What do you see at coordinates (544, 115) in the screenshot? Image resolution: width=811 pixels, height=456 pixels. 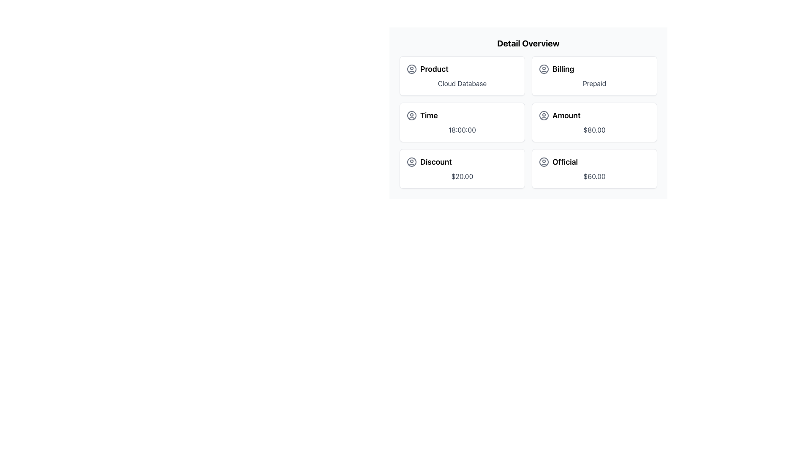 I see `the circular user profile icon, which is styled with a dark gray color and located in the third column of the second row of a 3x2 grid layout, positioned to the left of the 'Amount' text label` at bounding box center [544, 115].